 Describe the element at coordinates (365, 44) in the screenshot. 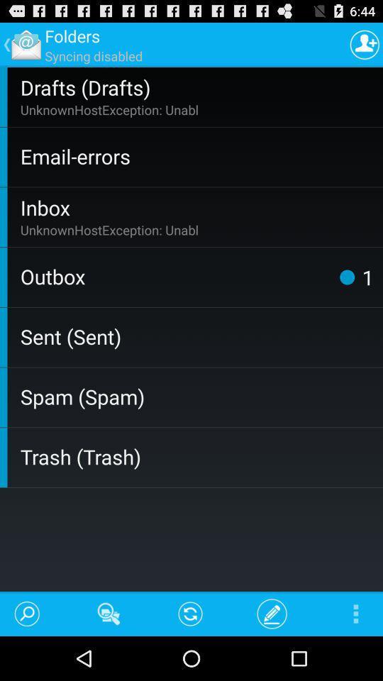

I see `contact` at that location.